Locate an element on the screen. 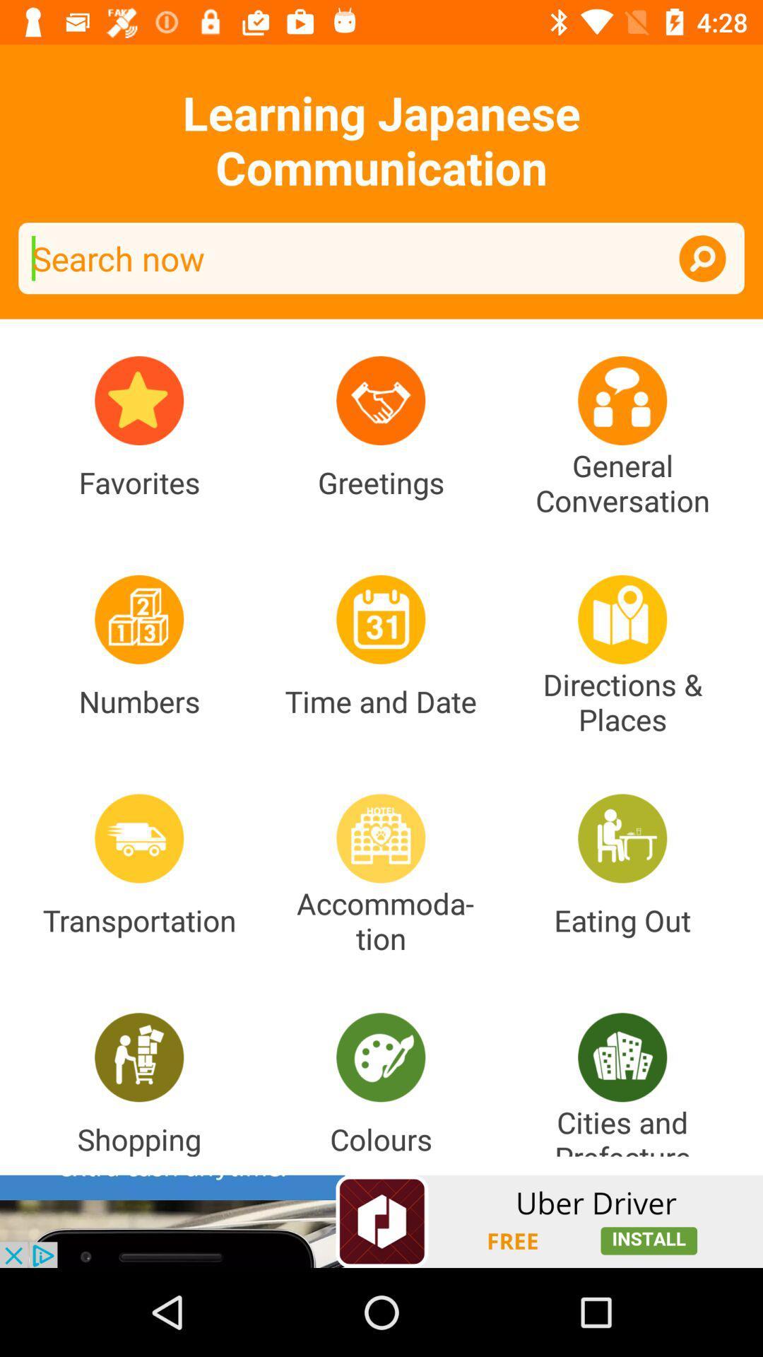  click the search option is located at coordinates (702, 258).